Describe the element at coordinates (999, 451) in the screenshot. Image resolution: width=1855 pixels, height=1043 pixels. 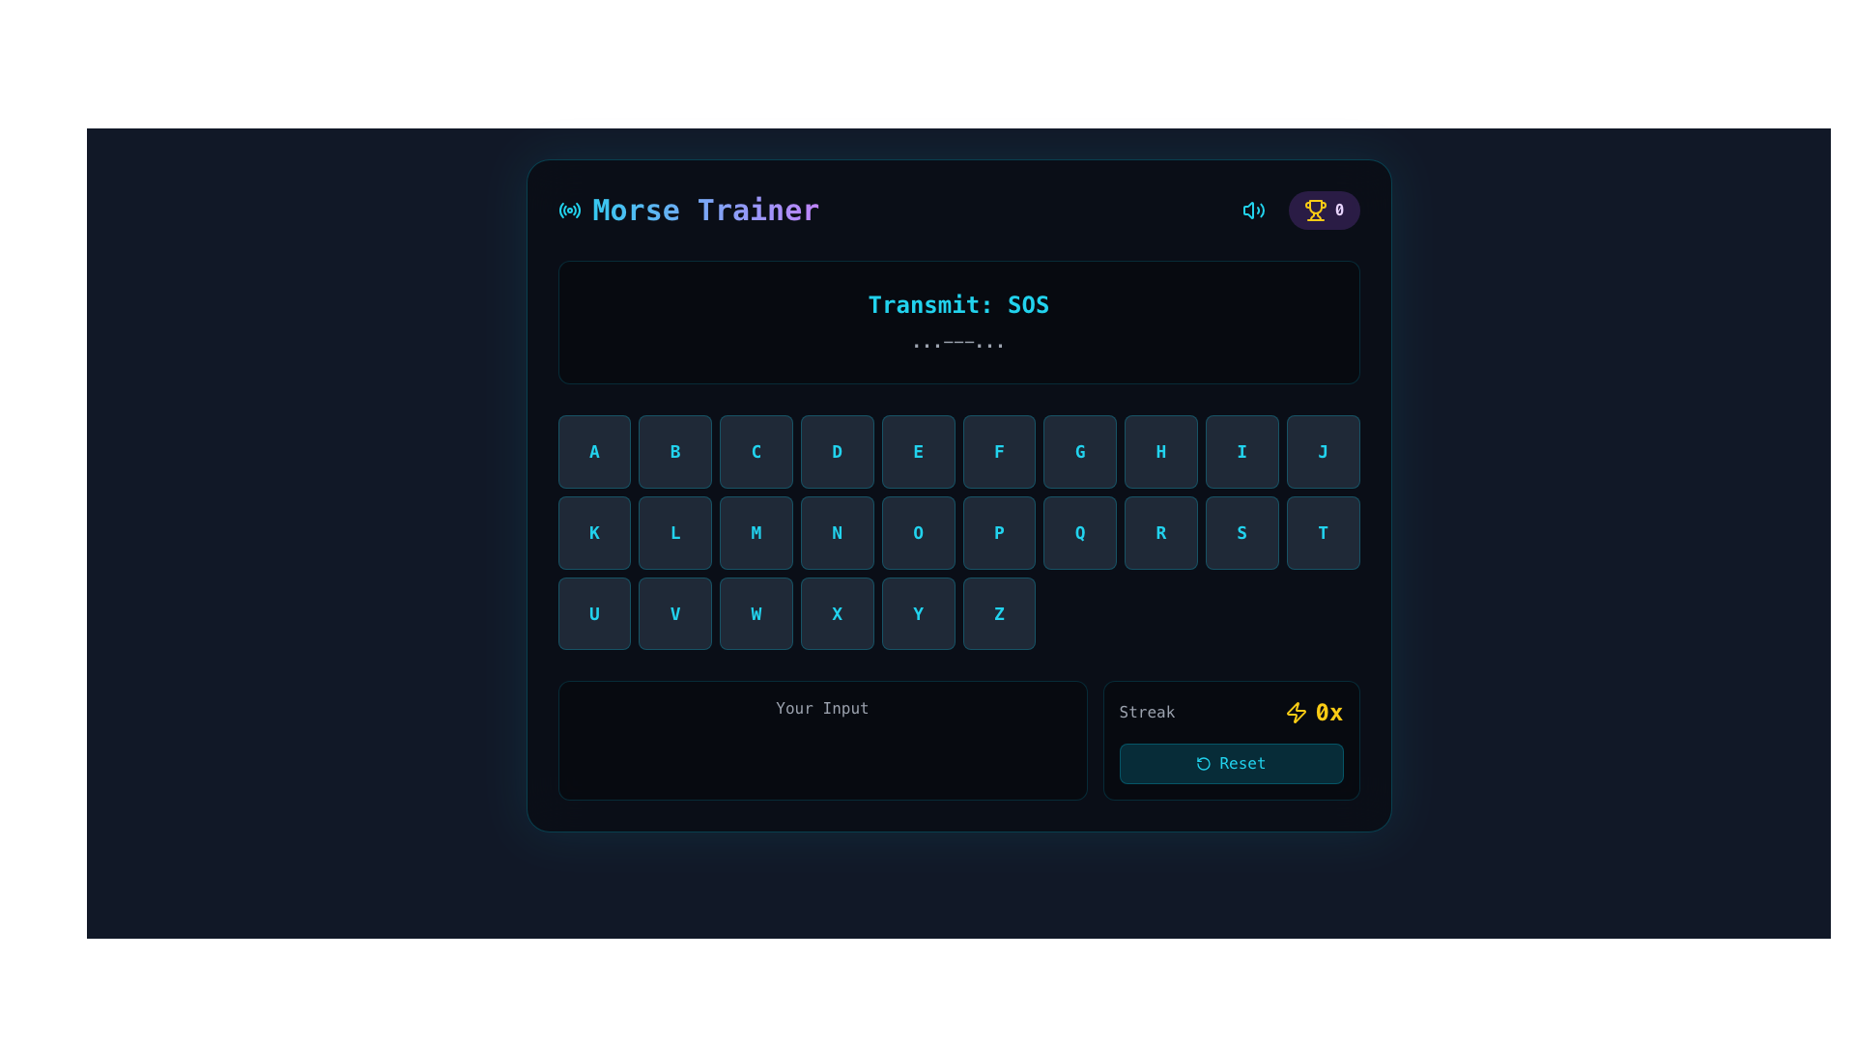
I see `the button representing the letter 'F' in the alphabetical character grid, which is positioned between the buttons labeled 'E' and 'G'` at that location.